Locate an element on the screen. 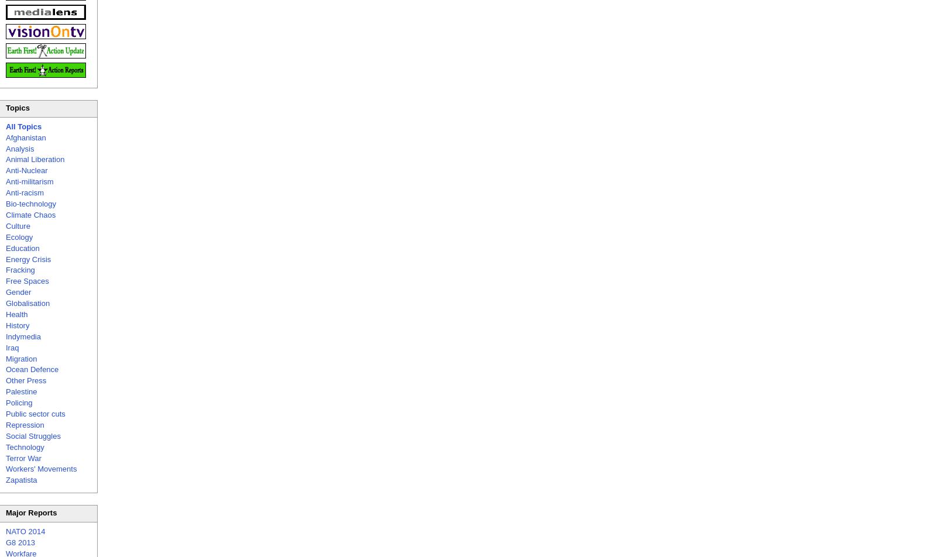  'Migration' is located at coordinates (20, 358).